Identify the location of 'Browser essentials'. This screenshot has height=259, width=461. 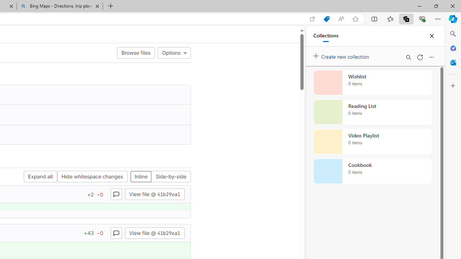
(422, 18).